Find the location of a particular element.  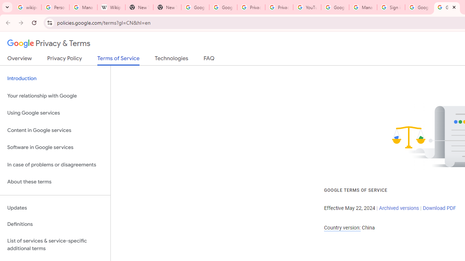

'Privacy & Terms' is located at coordinates (49, 43).